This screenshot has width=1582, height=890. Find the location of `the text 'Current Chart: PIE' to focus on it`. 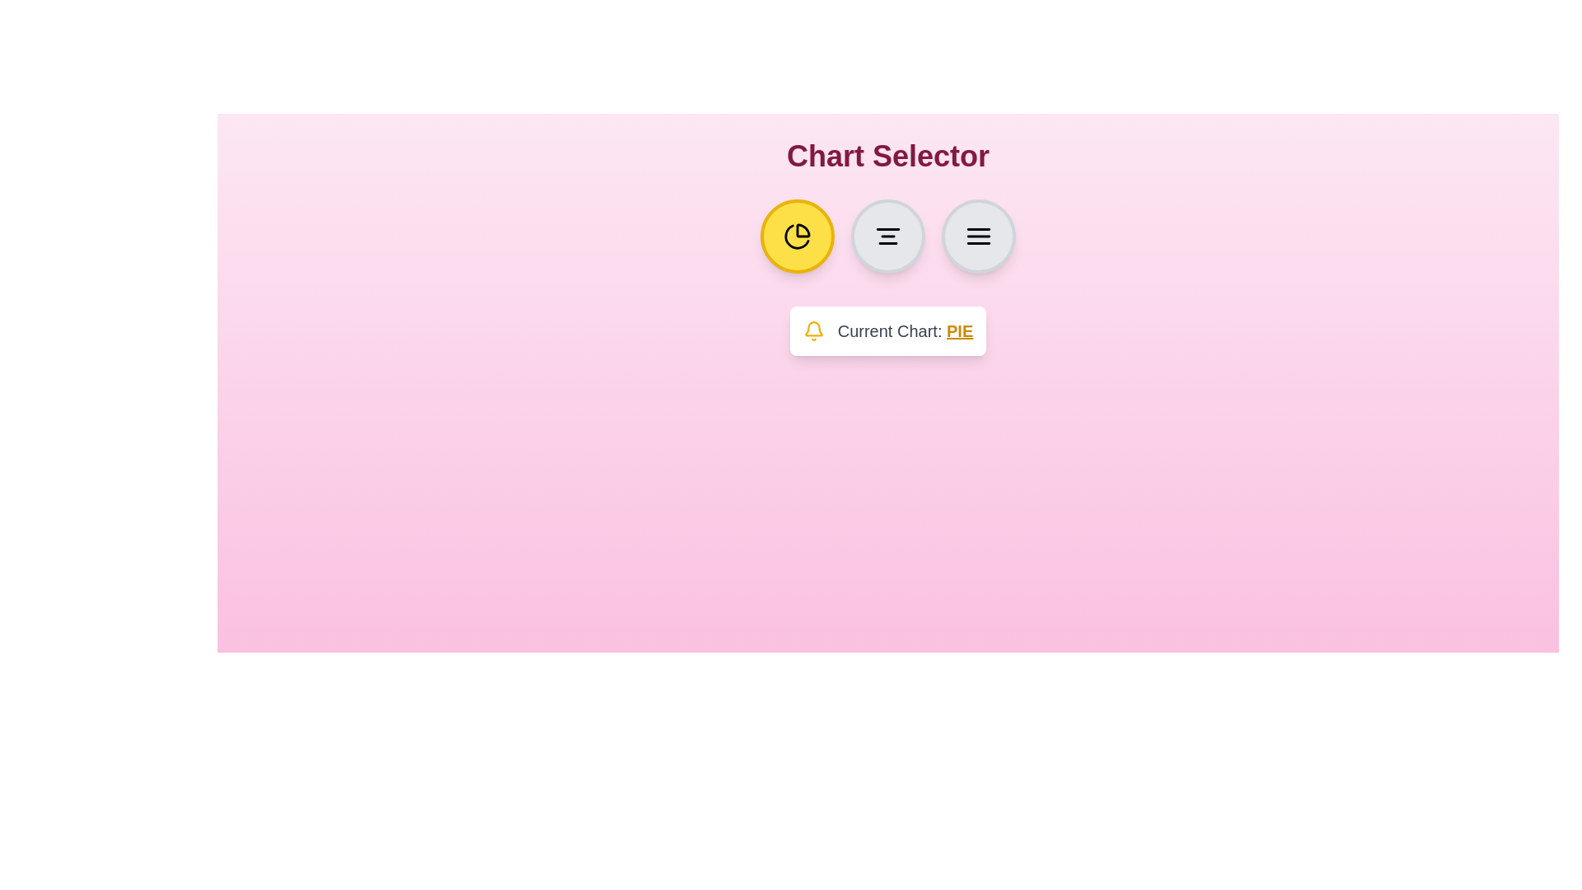

the text 'Current Chart: PIE' to focus on it is located at coordinates (887, 330).